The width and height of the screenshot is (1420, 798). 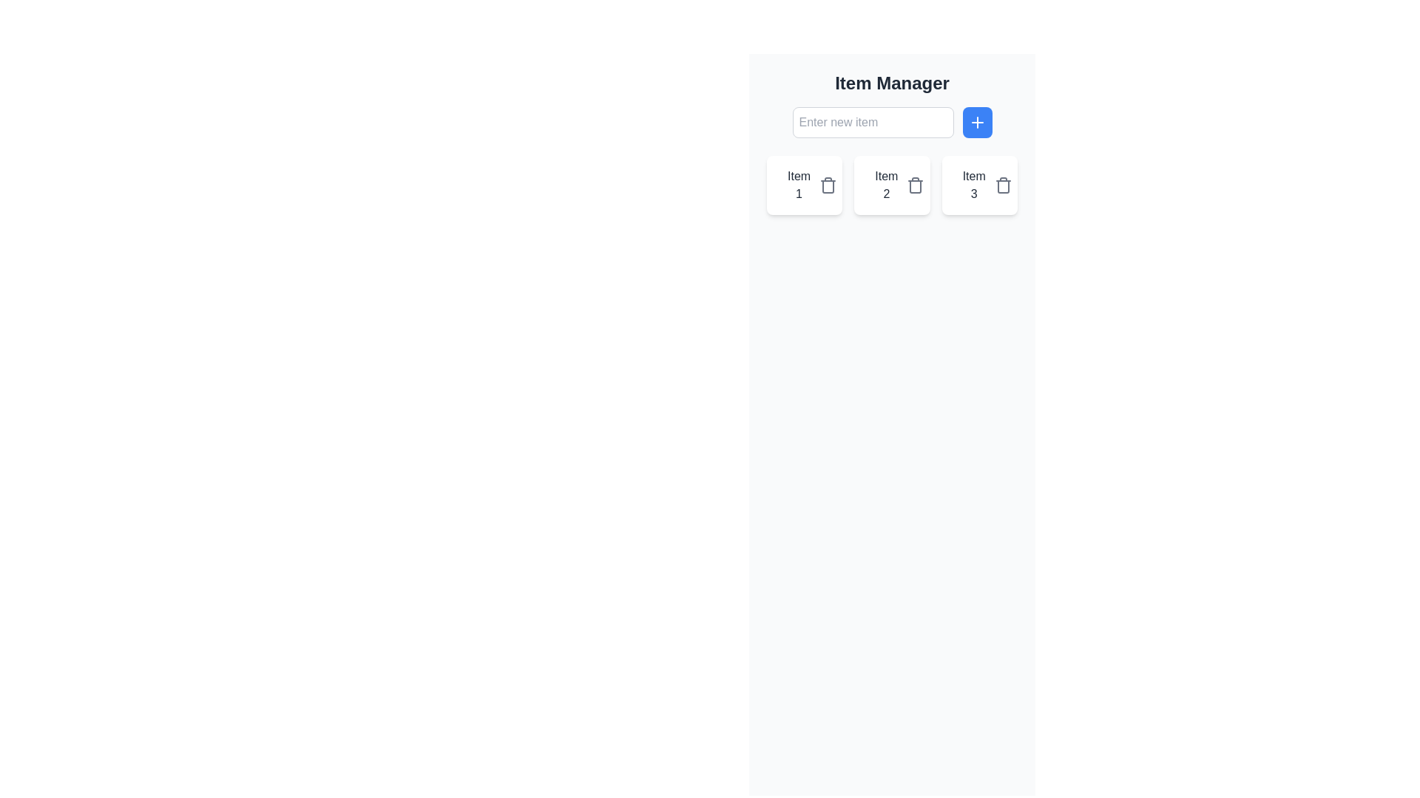 What do you see at coordinates (977, 121) in the screenshot?
I see `the '+' icon within the blue circular button` at bounding box center [977, 121].